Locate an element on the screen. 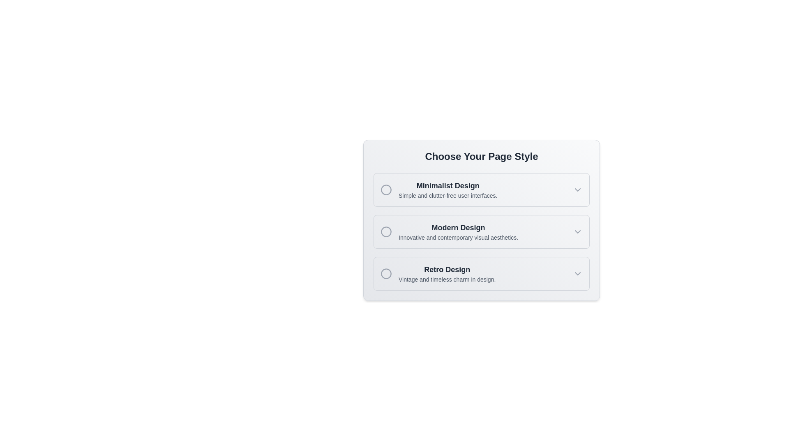 The width and height of the screenshot is (789, 444). the 'Retro Design' radio button located in the 'Choose Your Page Style' section to trigger hover effects is located at coordinates (386, 274).